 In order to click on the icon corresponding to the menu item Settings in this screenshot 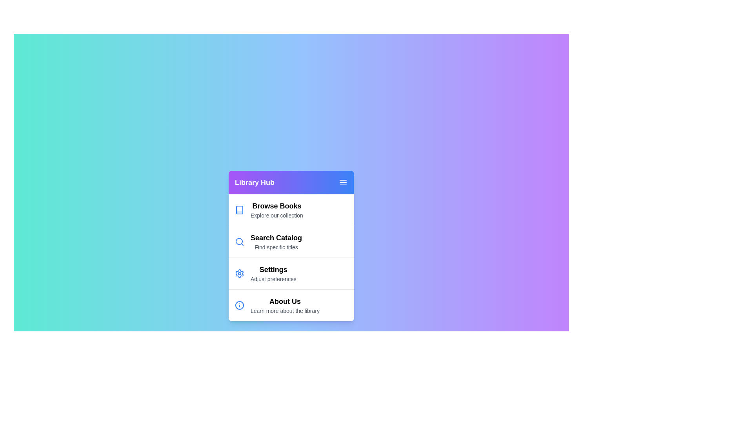, I will do `click(239, 273)`.